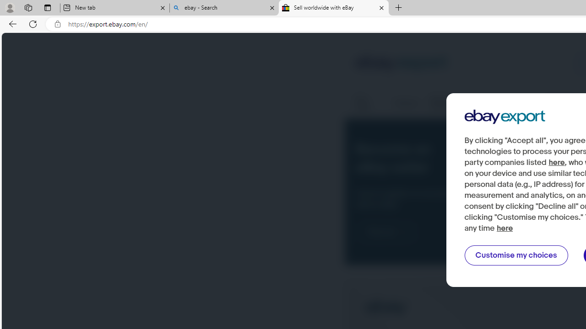 Image resolution: width=586 pixels, height=329 pixels. I want to click on 'Close tab', so click(381, 8).